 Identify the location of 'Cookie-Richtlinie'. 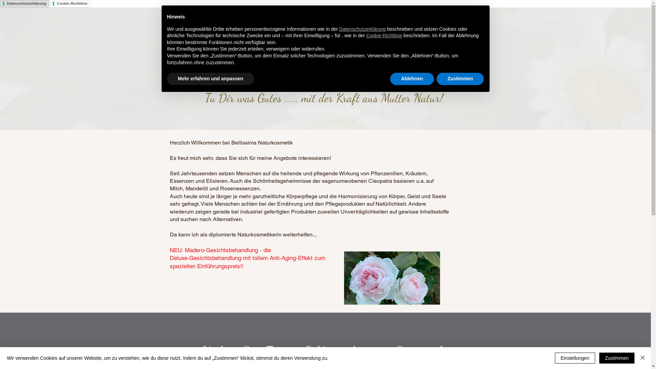
(384, 36).